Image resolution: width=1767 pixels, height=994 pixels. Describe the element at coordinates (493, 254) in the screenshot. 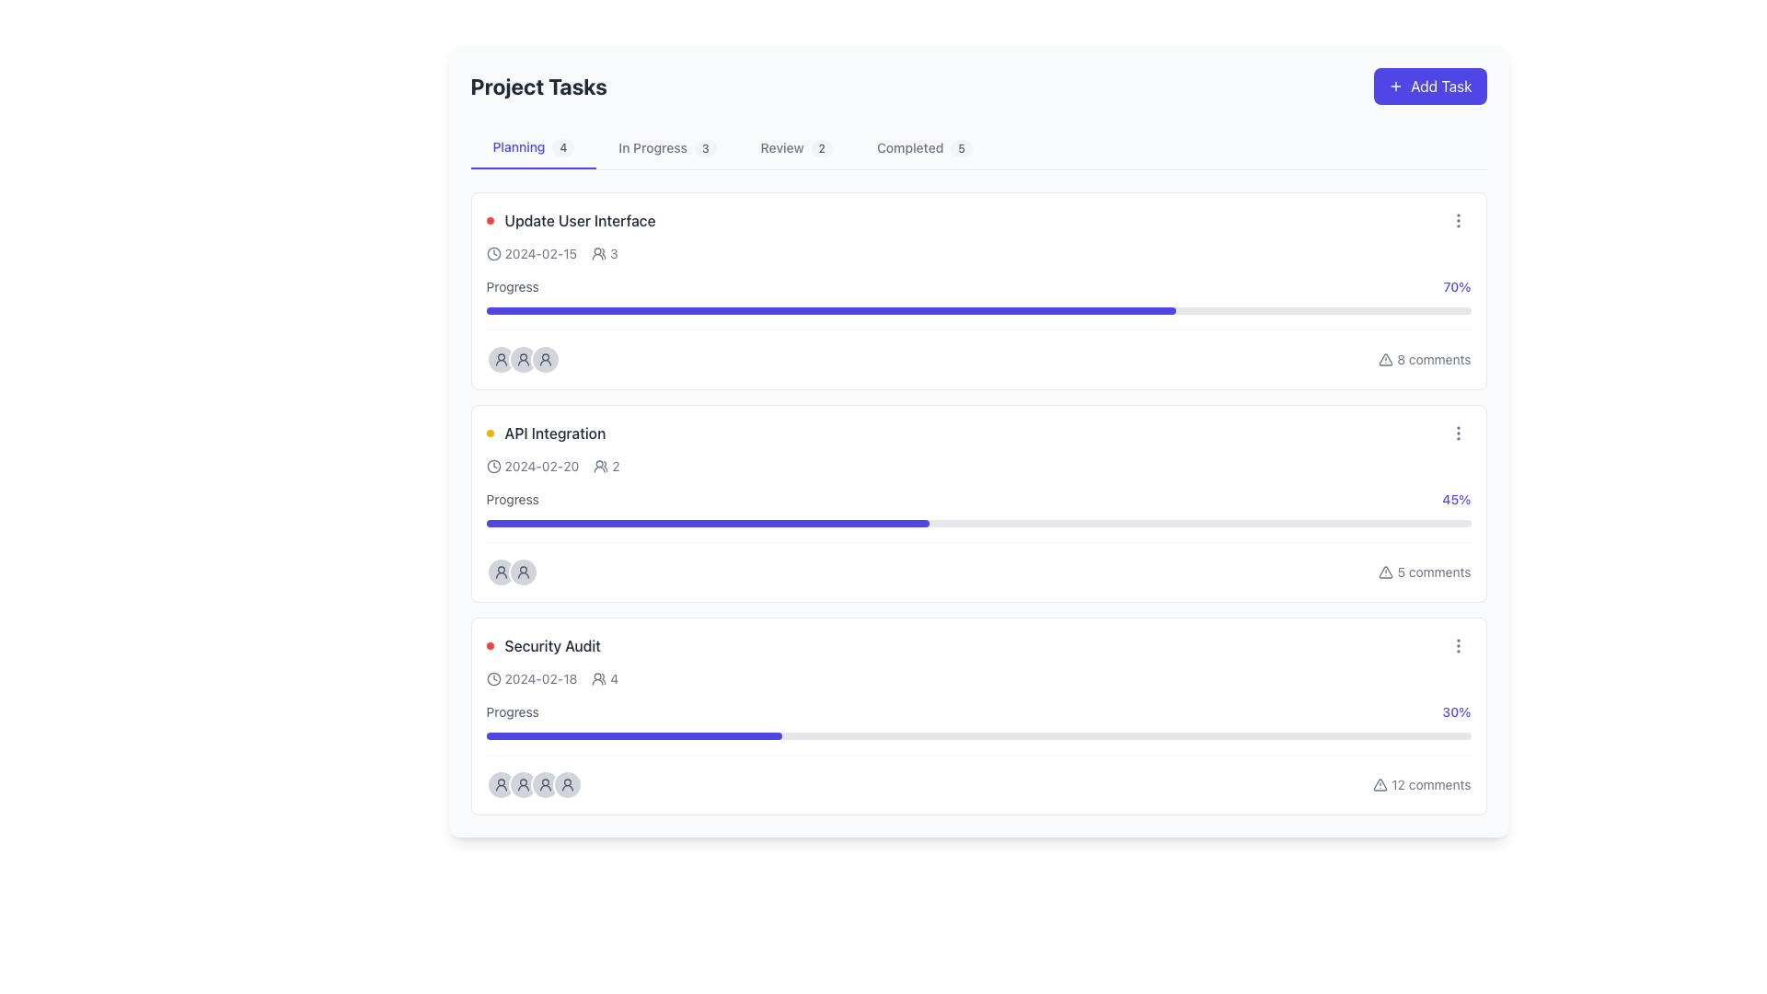

I see `the circular component of the clock icon in the 'Planning' section of the Project Tasks interface, located to the left of the date label '2024-02-20'` at that location.